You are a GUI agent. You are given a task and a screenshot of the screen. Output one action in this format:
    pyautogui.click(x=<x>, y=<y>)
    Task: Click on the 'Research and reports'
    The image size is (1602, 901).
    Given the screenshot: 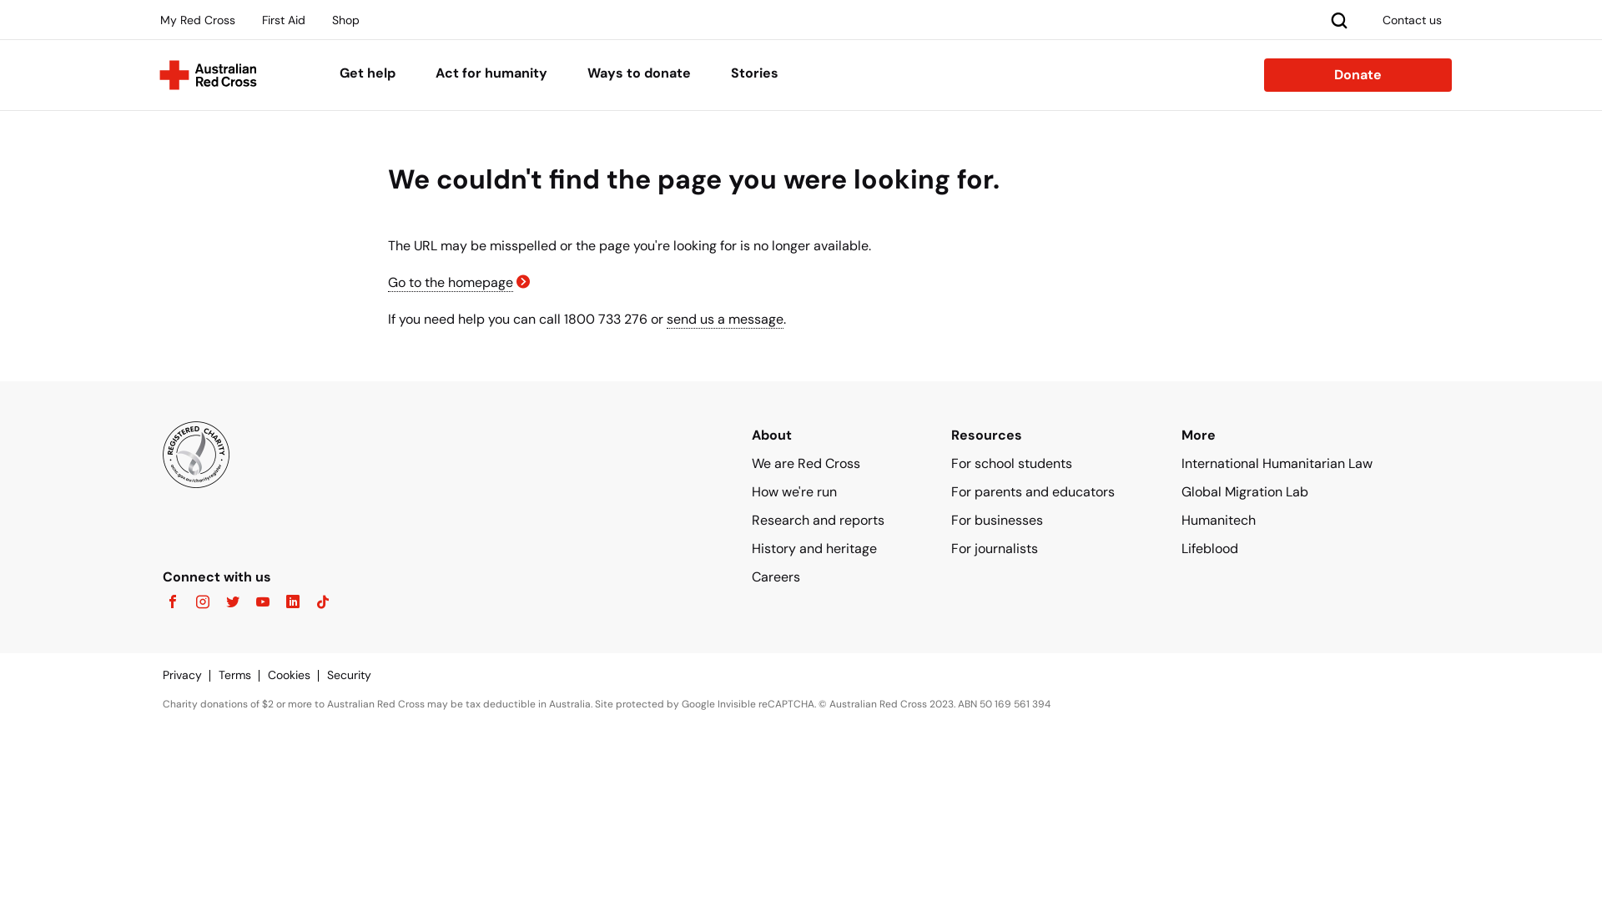 What is the action you would take?
    pyautogui.click(x=818, y=519)
    